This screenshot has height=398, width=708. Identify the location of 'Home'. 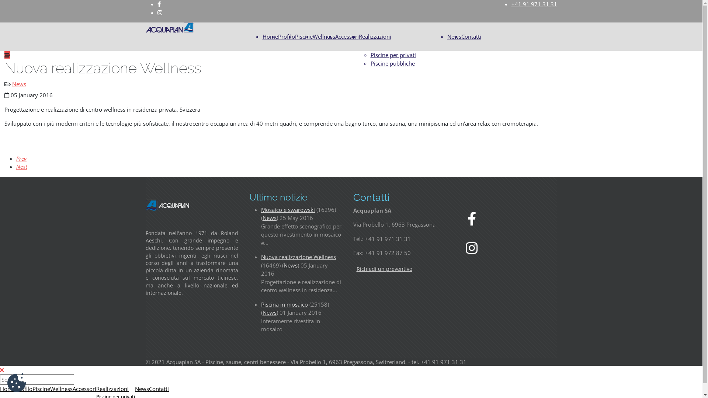
(270, 36).